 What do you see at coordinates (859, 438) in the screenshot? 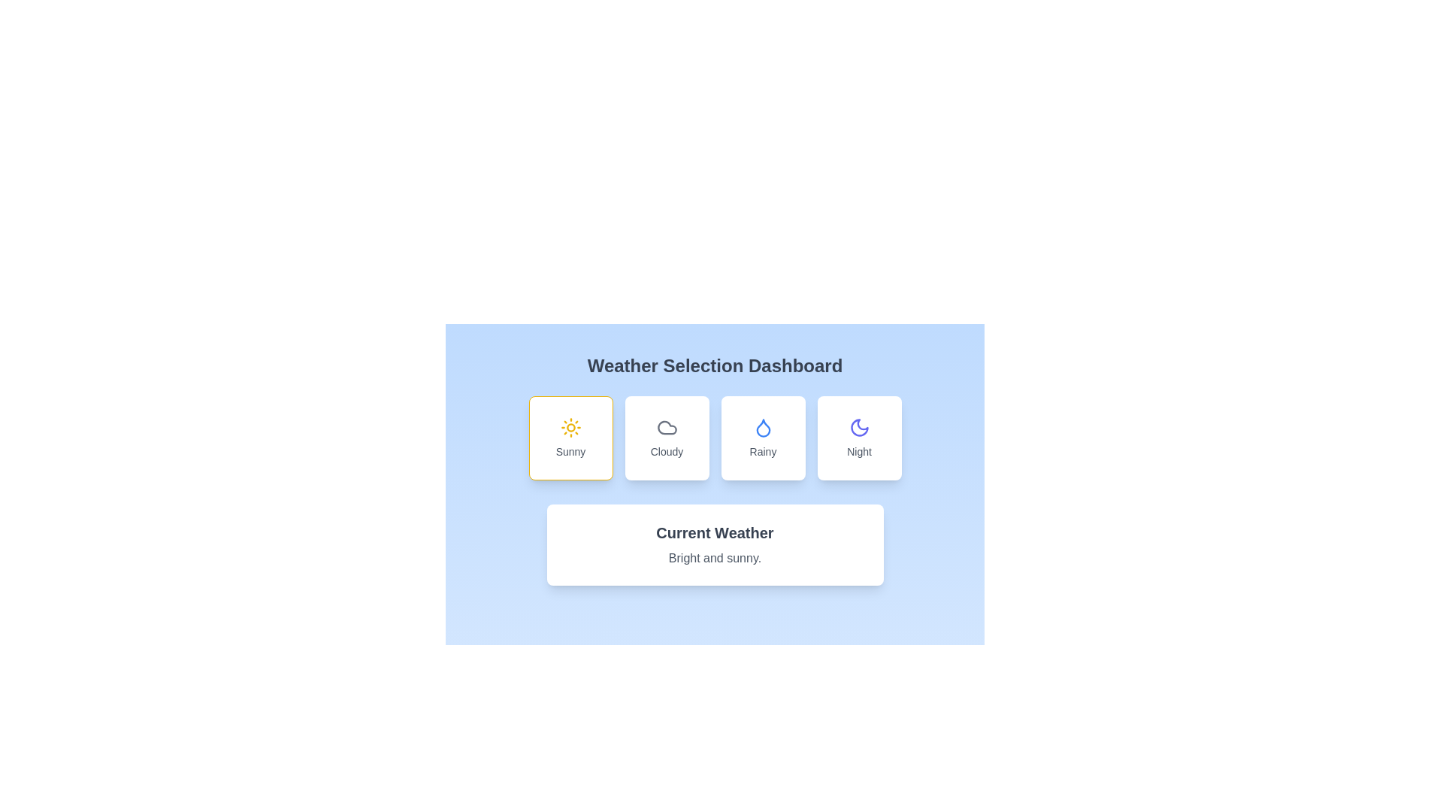
I see `the fourth button with a white background and indigo moon icon labeled 'Night'` at bounding box center [859, 438].